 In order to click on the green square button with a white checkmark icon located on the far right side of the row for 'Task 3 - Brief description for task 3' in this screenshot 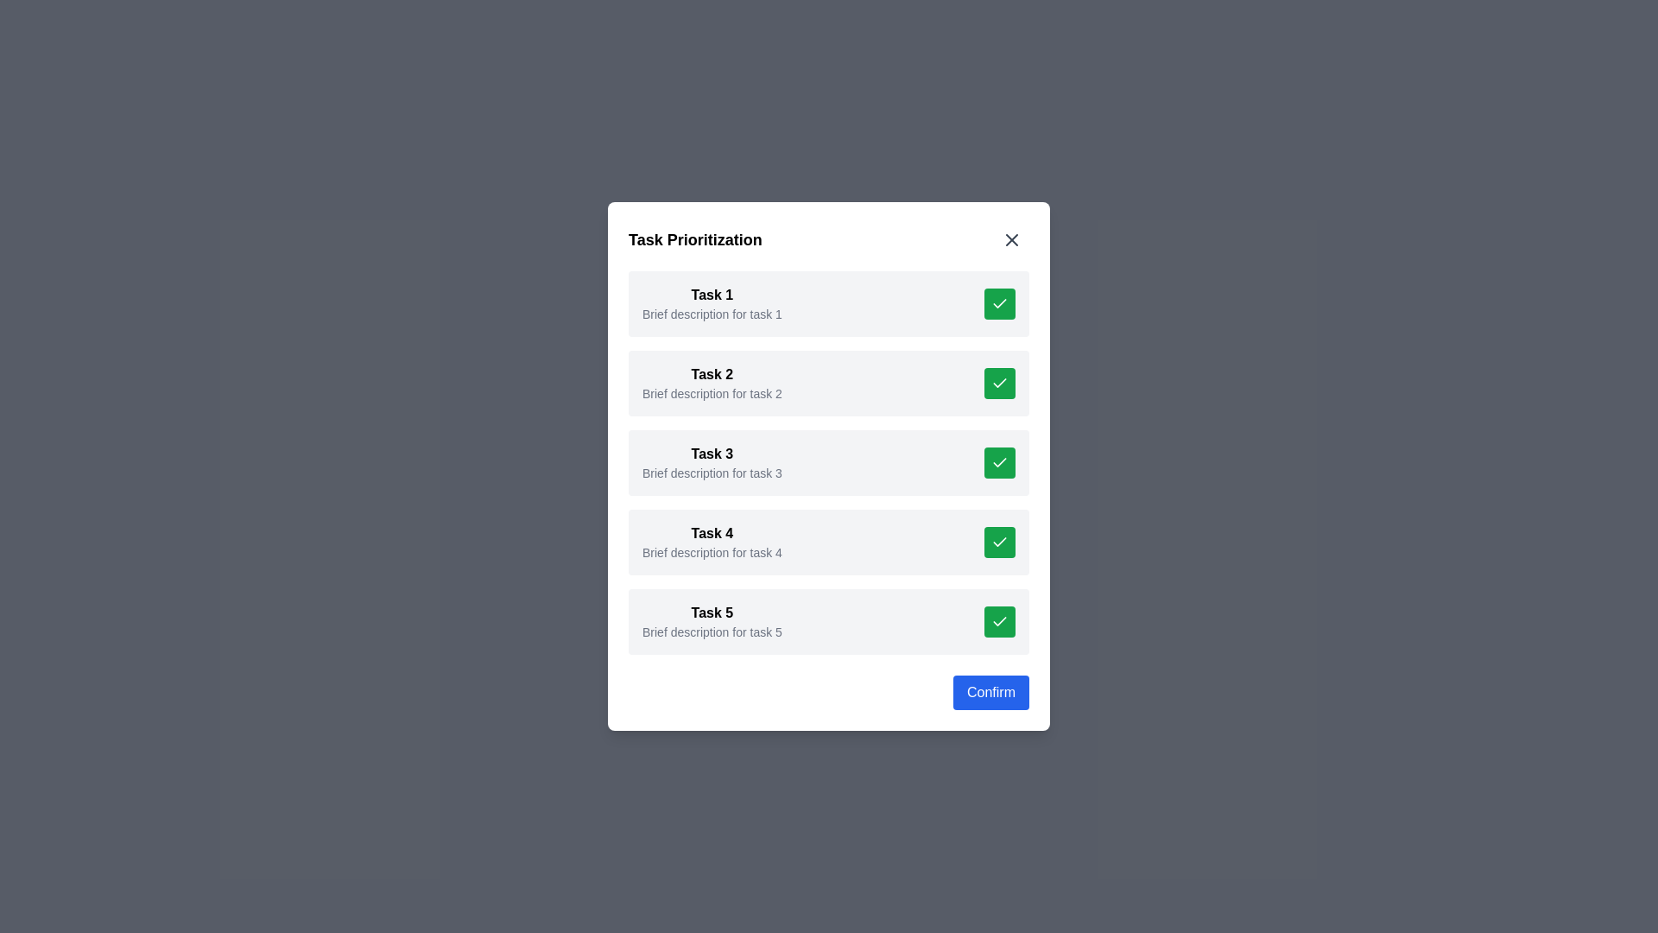, I will do `click(999, 462)`.